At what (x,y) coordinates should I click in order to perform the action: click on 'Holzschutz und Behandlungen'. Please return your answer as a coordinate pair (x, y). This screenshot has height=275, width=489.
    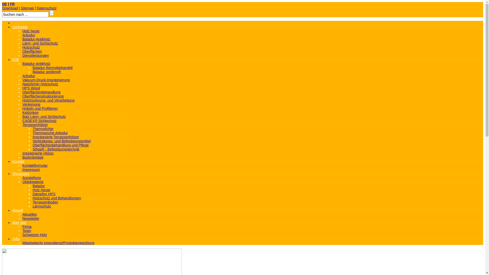
    Looking at the image, I should click on (57, 198).